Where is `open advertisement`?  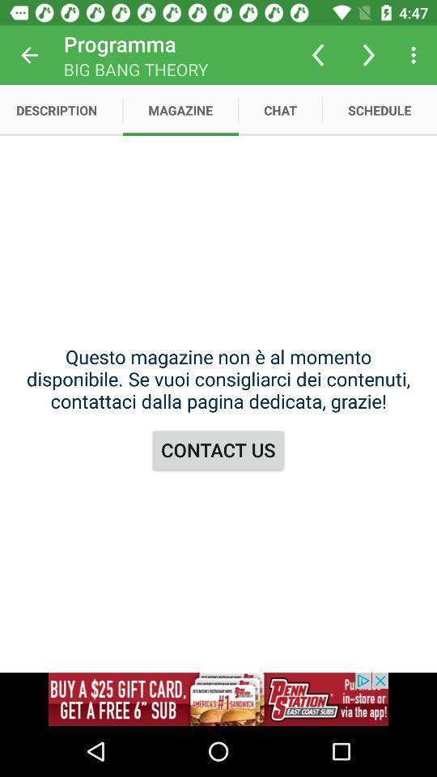 open advertisement is located at coordinates (218, 698).